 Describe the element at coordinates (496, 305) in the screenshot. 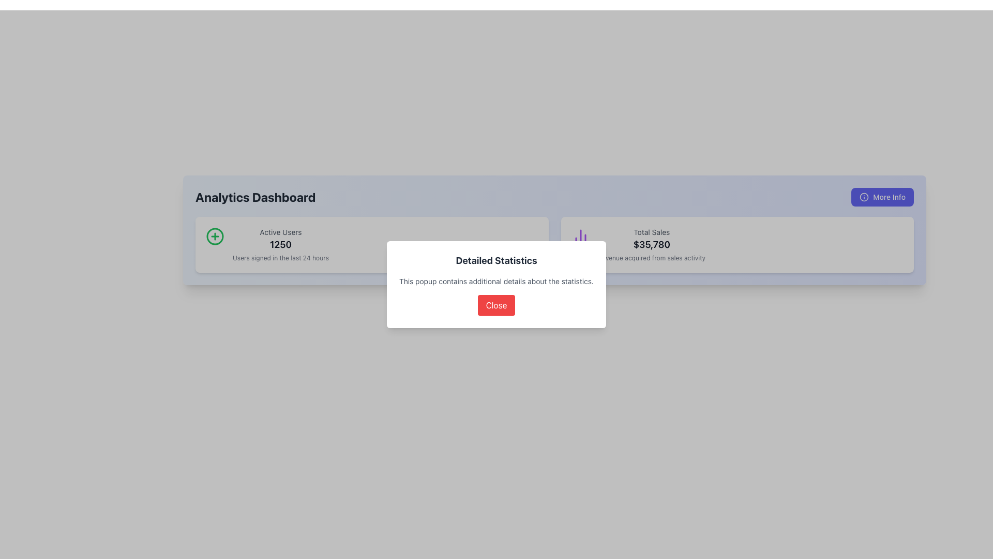

I see `the rectangular red button labeled 'Close' located at the bottom of the 'Detailed Statistics' popup` at that location.